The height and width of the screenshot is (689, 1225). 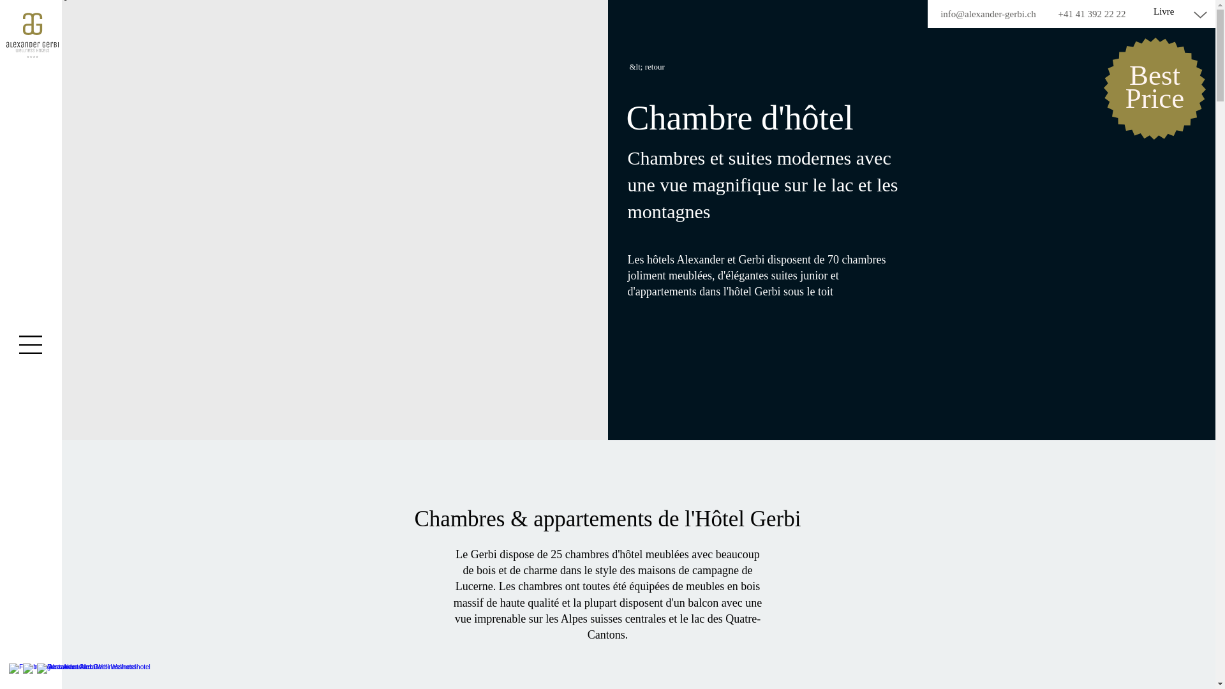 What do you see at coordinates (988, 14) in the screenshot?
I see `'info@alexander-gerbi.ch'` at bounding box center [988, 14].